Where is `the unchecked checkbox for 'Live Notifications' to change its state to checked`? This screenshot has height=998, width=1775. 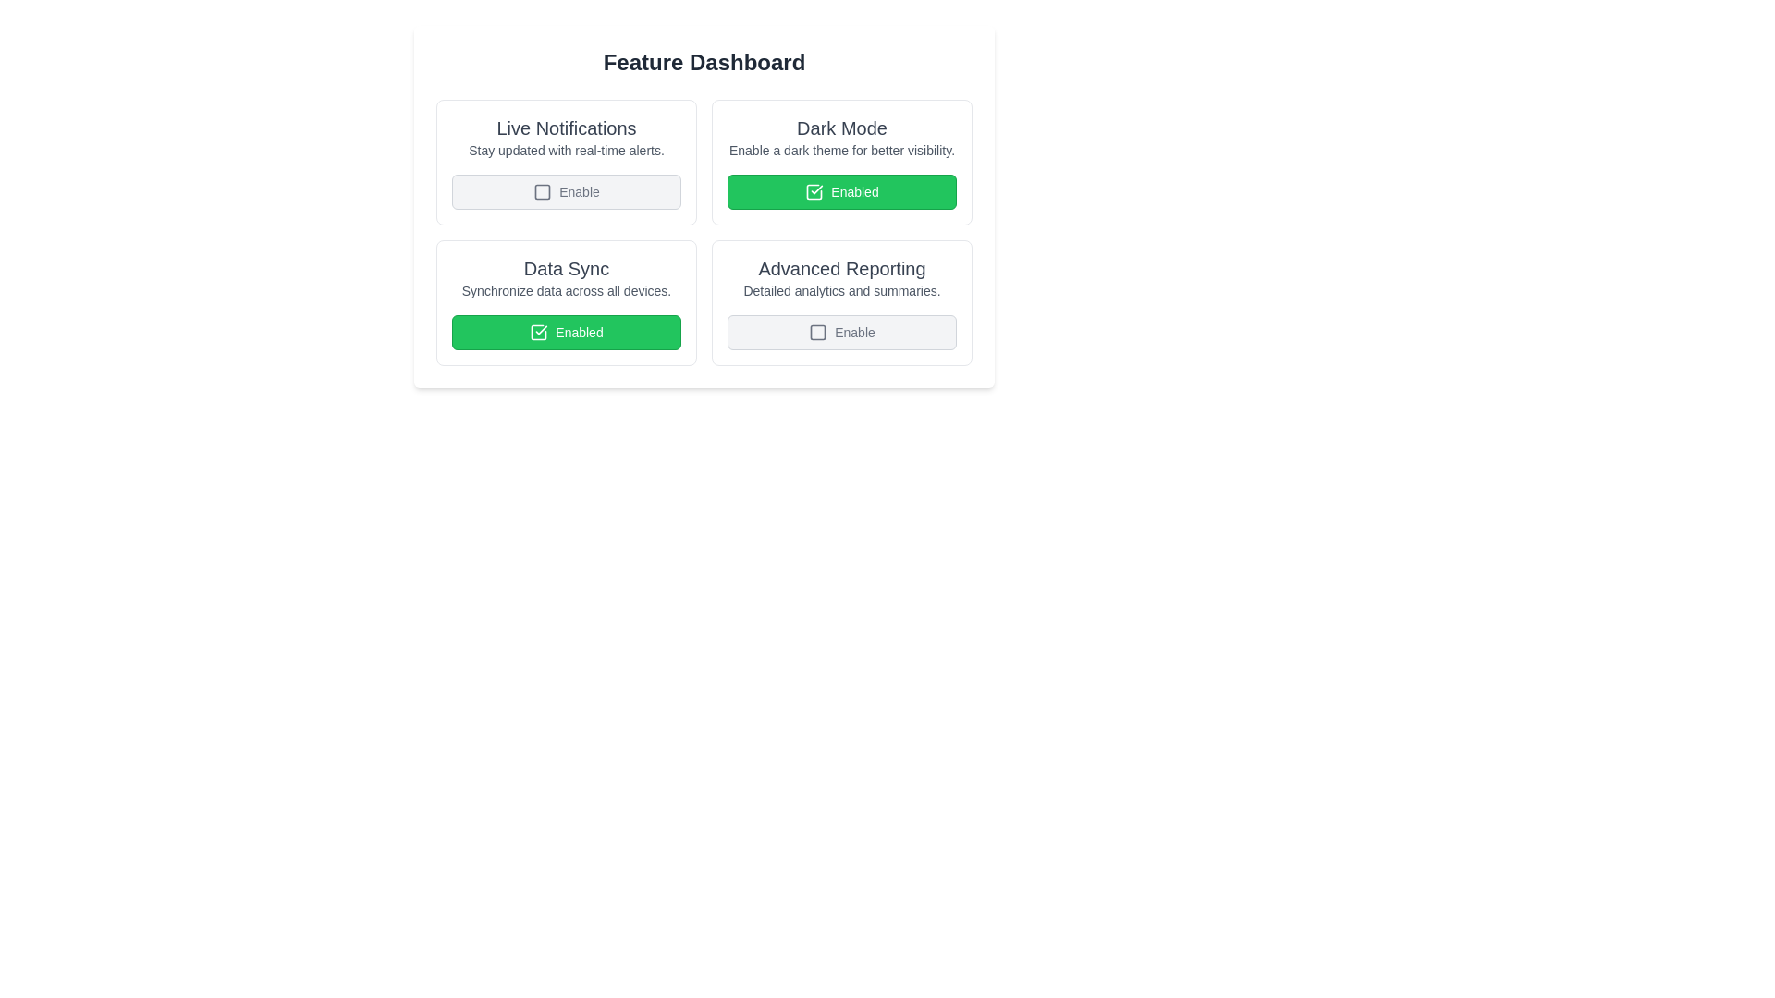
the unchecked checkbox for 'Live Notifications' to change its state to checked is located at coordinates (542, 192).